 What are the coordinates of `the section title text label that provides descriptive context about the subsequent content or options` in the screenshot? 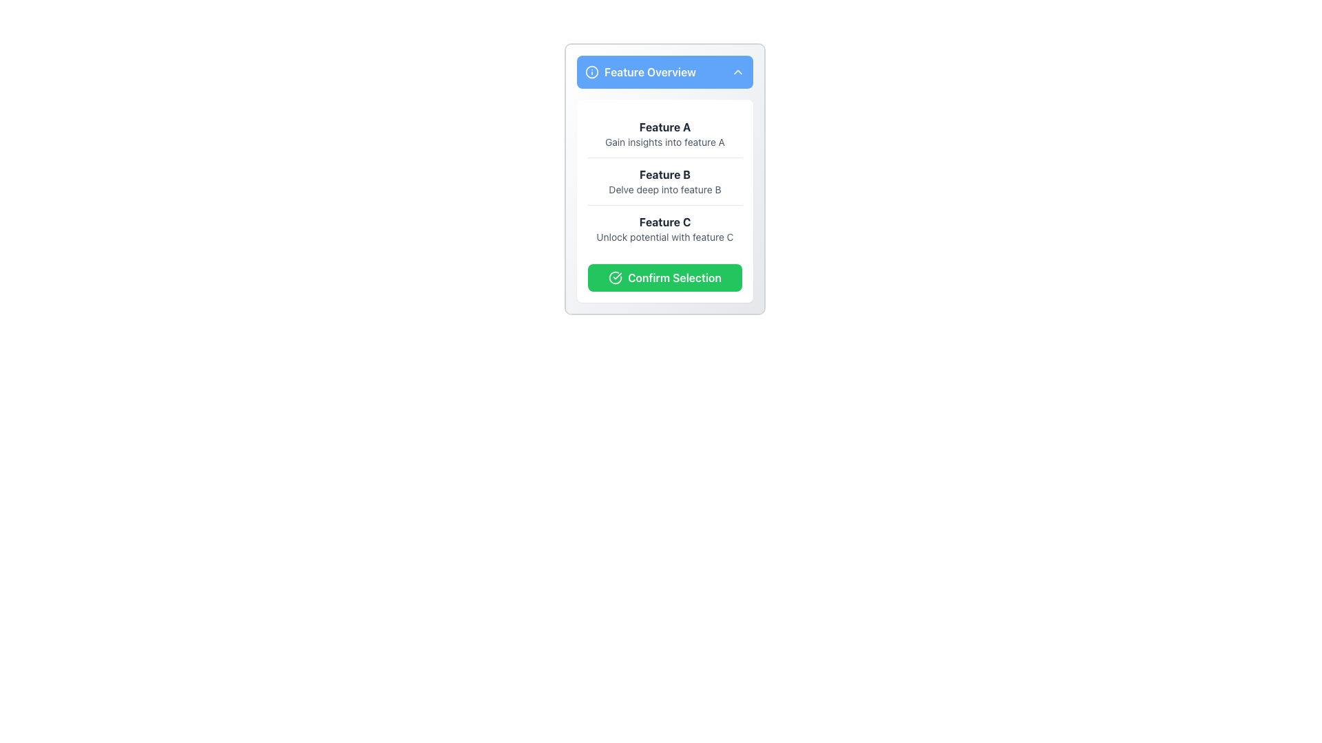 It's located at (649, 72).